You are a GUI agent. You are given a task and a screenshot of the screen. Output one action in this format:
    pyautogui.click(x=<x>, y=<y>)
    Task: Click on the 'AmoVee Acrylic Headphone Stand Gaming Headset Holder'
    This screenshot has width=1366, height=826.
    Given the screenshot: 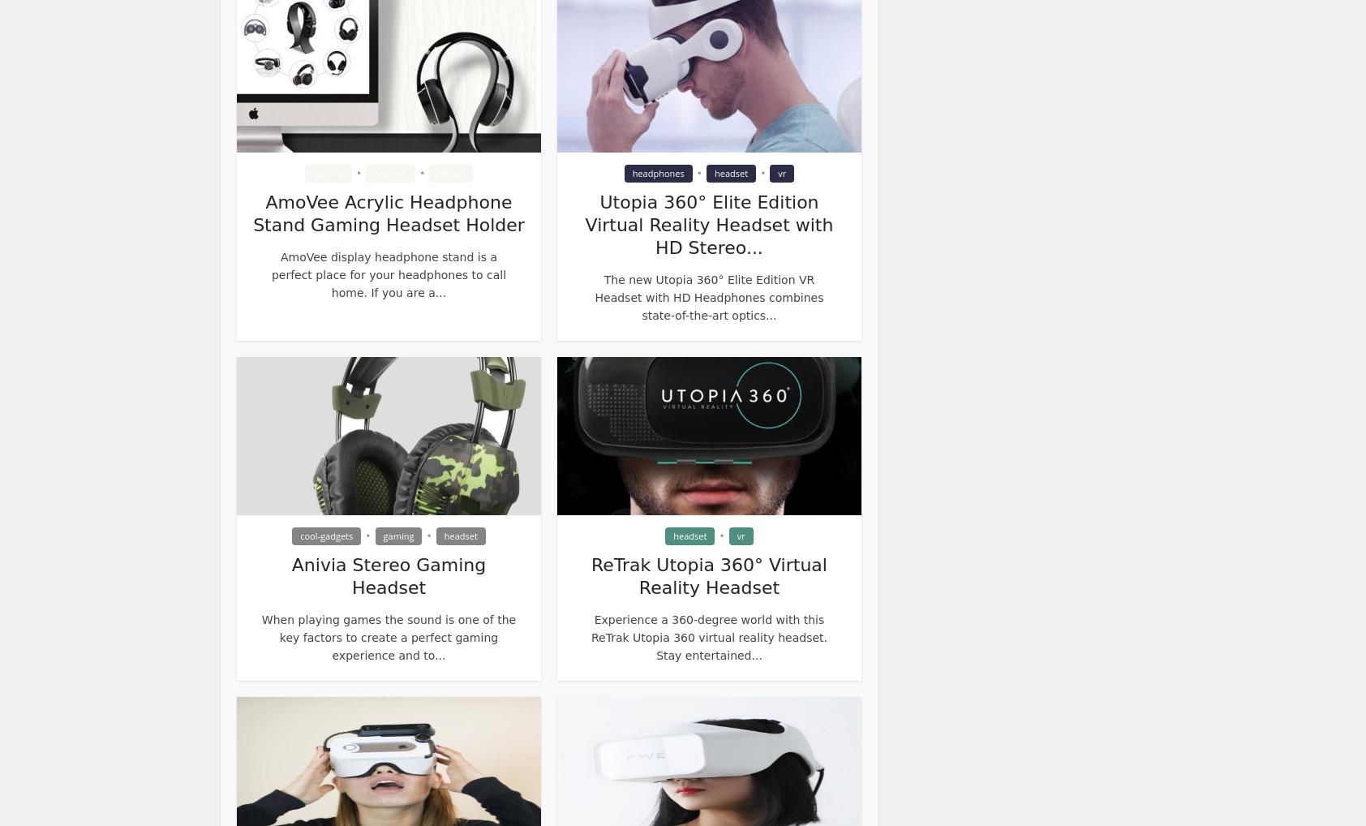 What is the action you would take?
    pyautogui.click(x=387, y=213)
    